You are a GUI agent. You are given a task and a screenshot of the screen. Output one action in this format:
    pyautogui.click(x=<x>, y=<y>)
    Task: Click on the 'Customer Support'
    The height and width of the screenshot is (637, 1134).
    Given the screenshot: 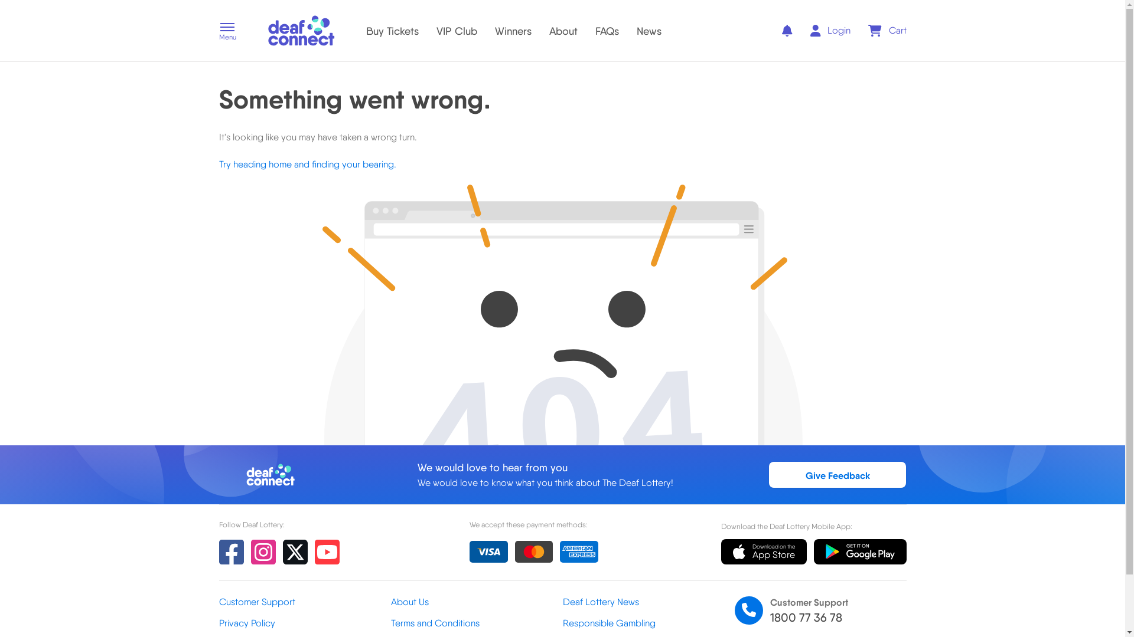 What is the action you would take?
    pyautogui.click(x=304, y=602)
    